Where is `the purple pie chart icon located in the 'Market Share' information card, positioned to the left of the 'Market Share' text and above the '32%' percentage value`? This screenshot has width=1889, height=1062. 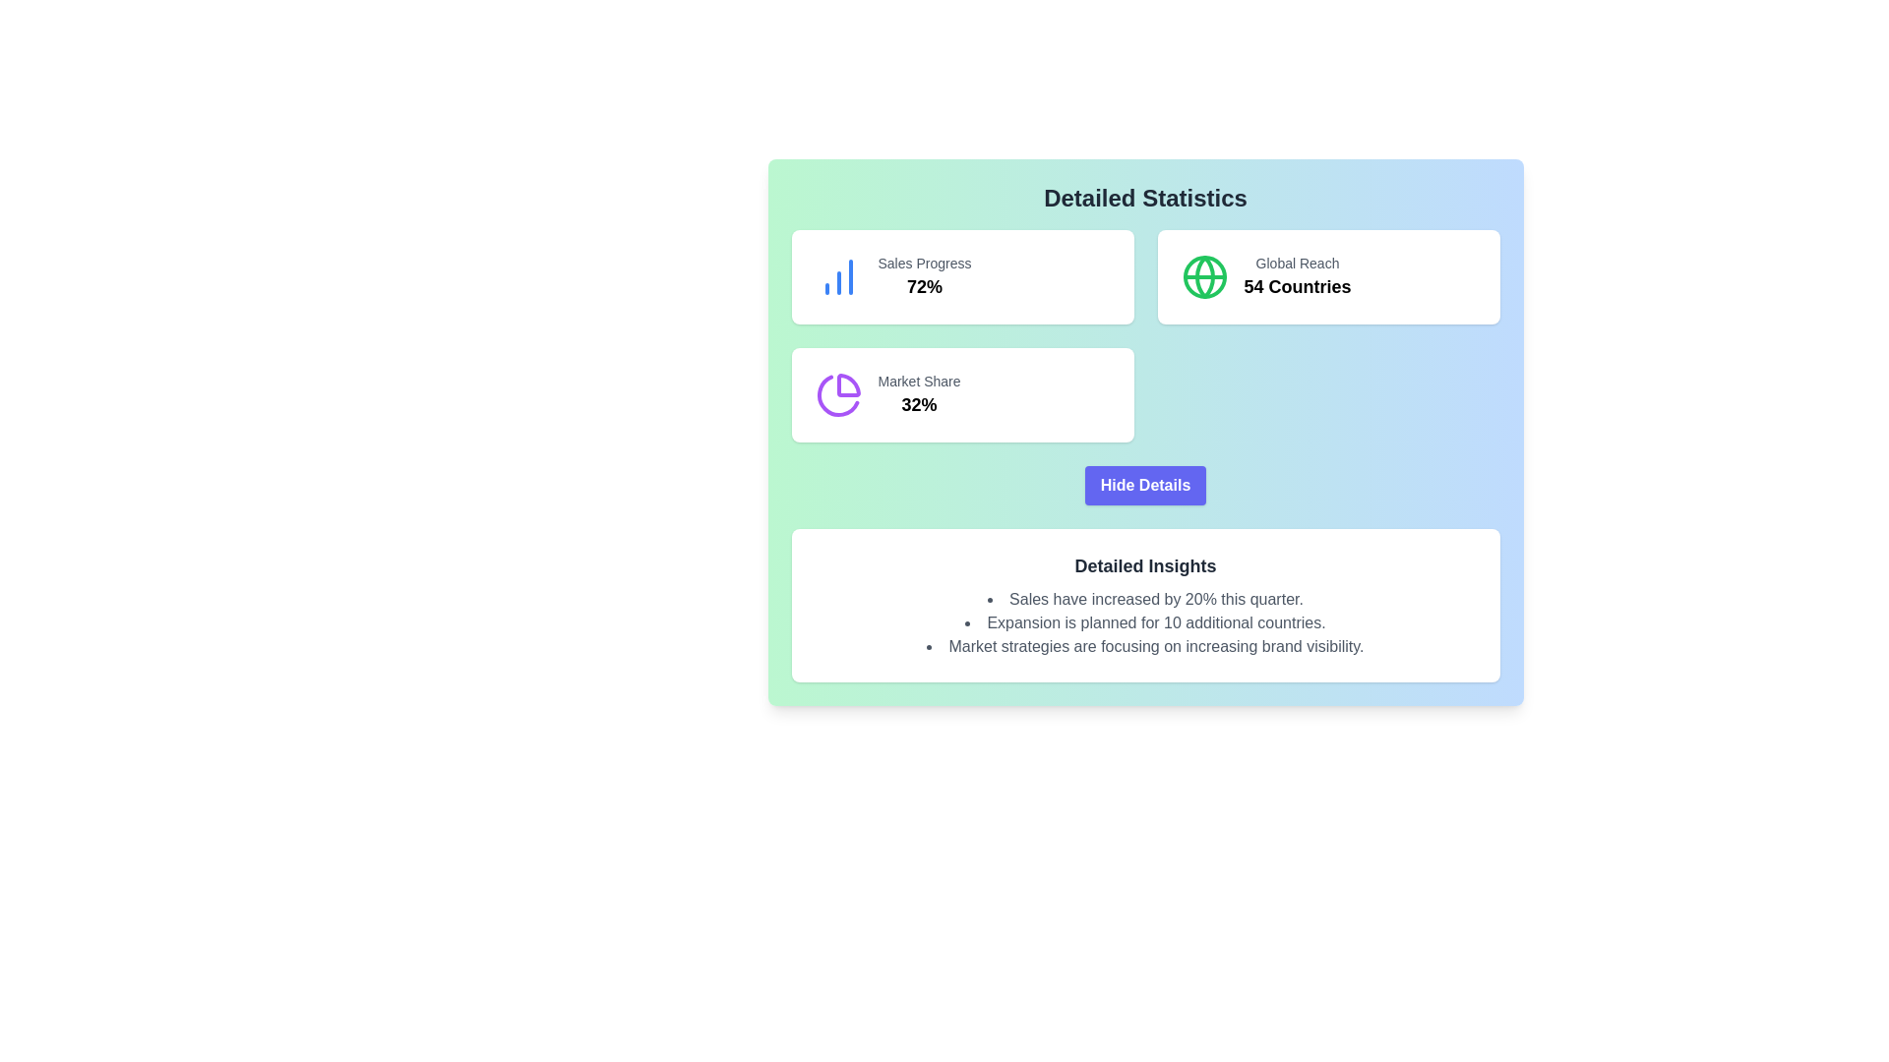
the purple pie chart icon located in the 'Market Share' information card, positioned to the left of the 'Market Share' text and above the '32%' percentage value is located at coordinates (838, 394).